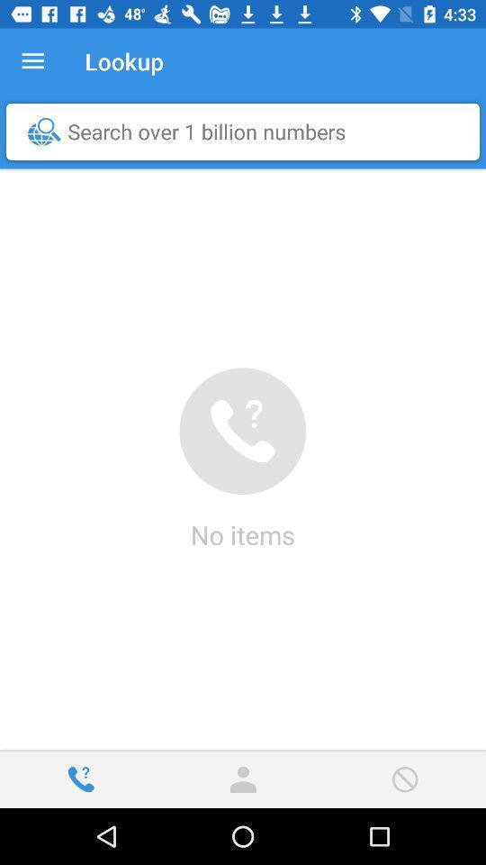 The image size is (486, 865). I want to click on item next to the lookup, so click(32, 61).